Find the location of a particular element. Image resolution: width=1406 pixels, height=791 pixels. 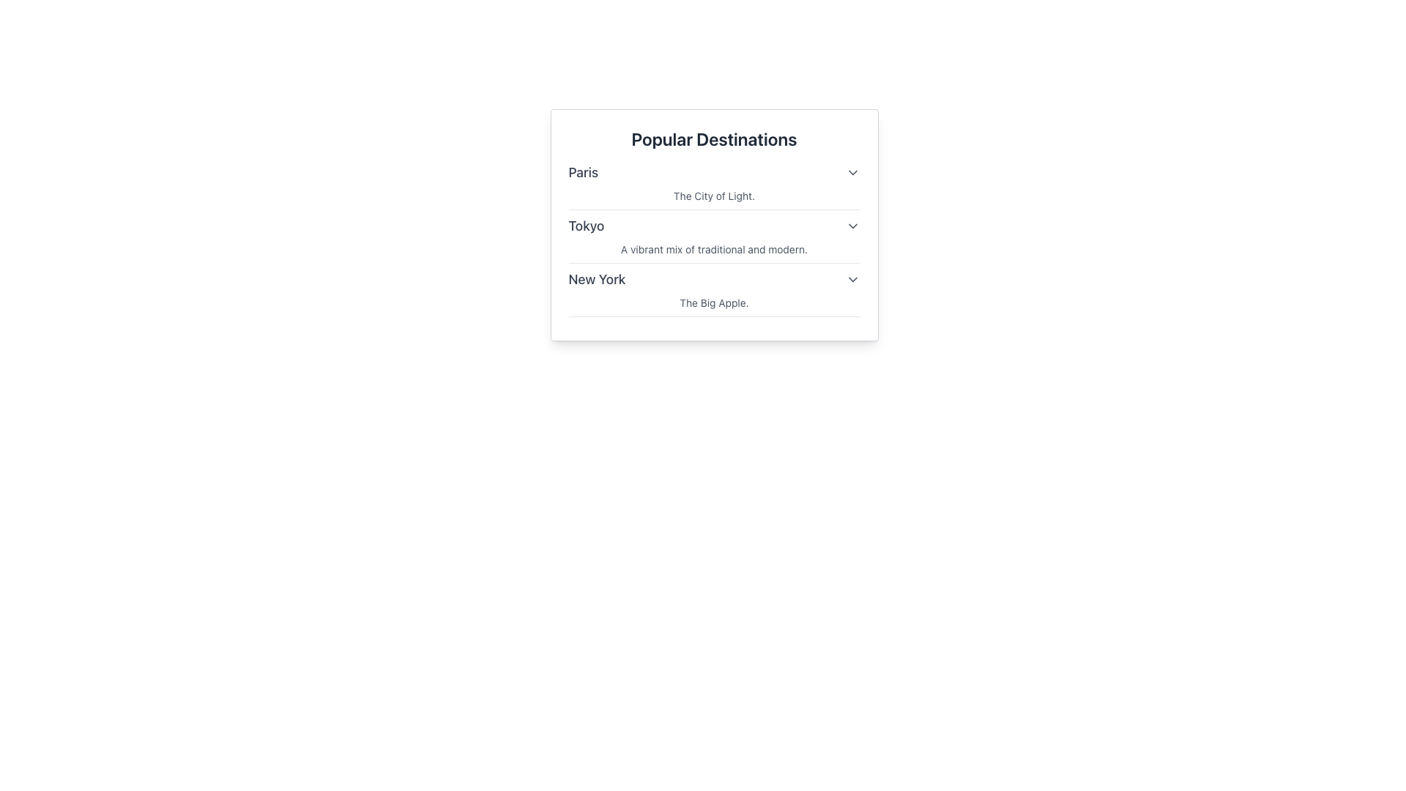

the downward-pointing chevron icon located to the right of the 'New York' text label in the third row of the 'Popular Destinations' dropdown list is located at coordinates (852, 279).